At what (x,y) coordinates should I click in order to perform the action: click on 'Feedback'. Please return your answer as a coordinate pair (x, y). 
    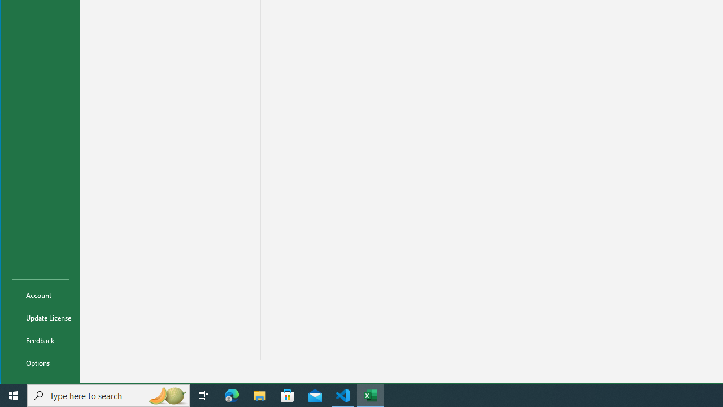
    Looking at the image, I should click on (41, 339).